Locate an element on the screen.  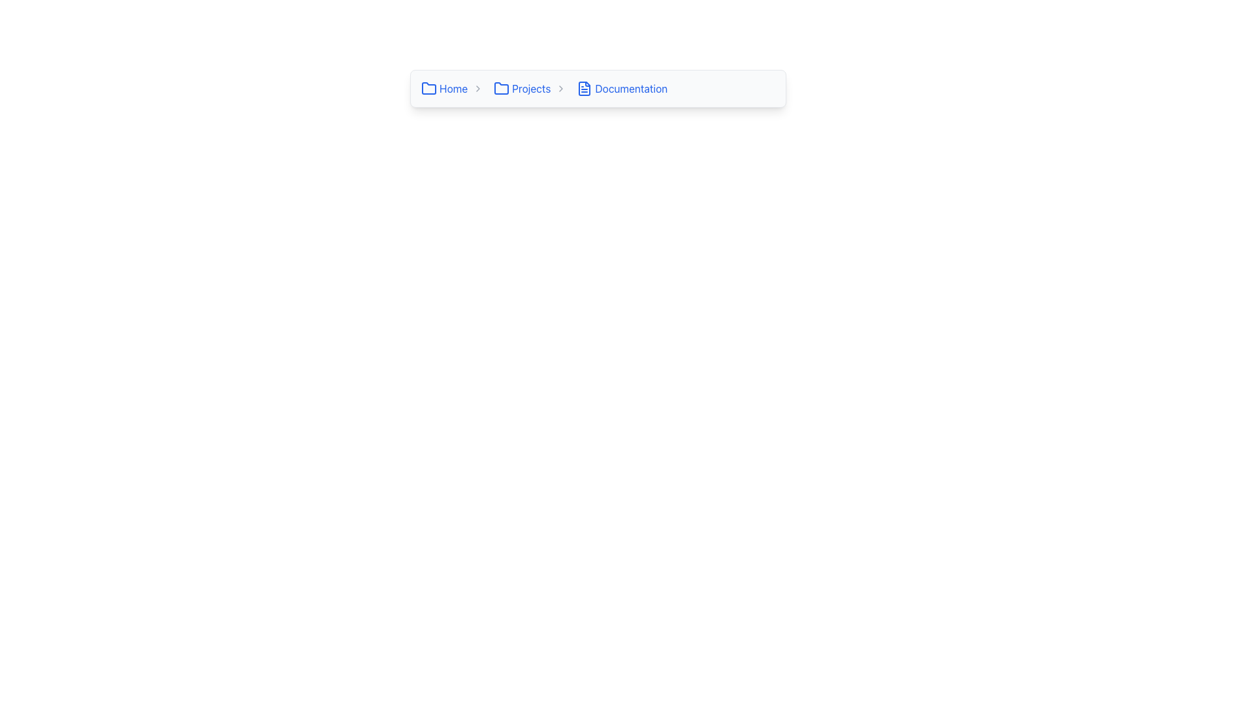
the 'Projects' icon located in the navigation menu, which serves as a visual indicator for the 'Projects' section is located at coordinates (501, 88).